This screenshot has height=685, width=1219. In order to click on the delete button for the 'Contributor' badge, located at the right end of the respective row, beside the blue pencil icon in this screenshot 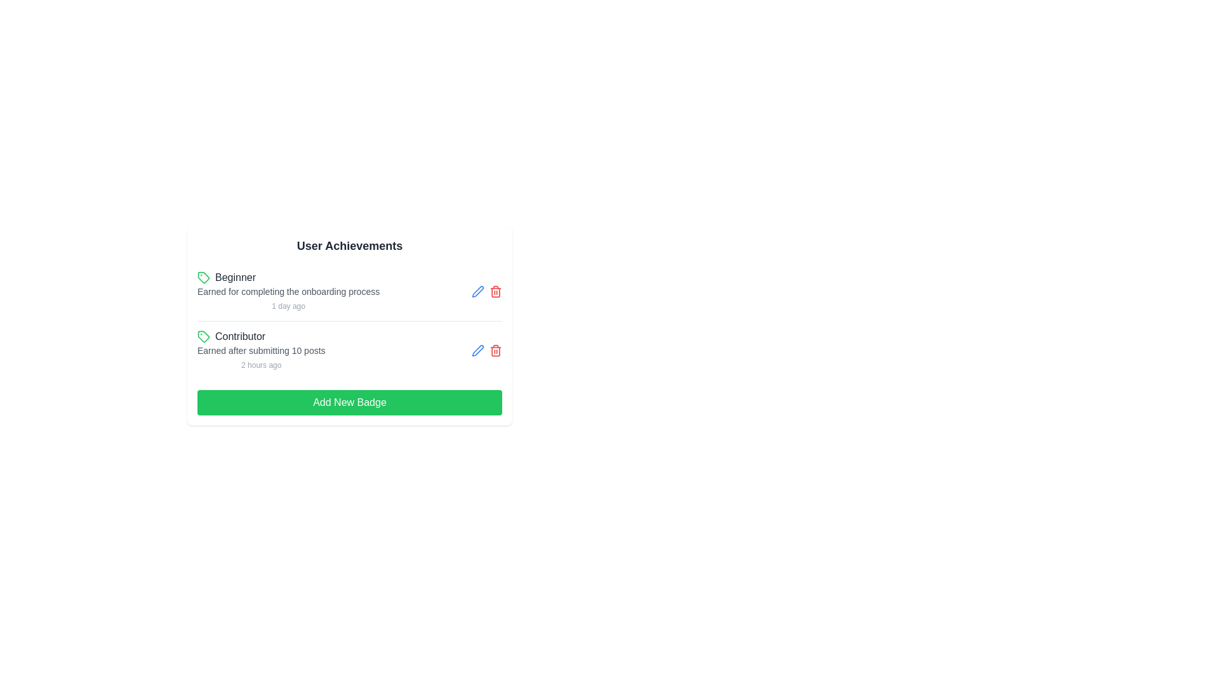, I will do `click(495, 350)`.